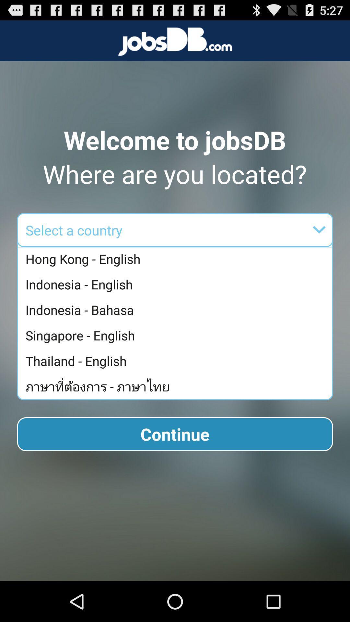 Image resolution: width=350 pixels, height=622 pixels. I want to click on the thailand - english icon, so click(177, 361).